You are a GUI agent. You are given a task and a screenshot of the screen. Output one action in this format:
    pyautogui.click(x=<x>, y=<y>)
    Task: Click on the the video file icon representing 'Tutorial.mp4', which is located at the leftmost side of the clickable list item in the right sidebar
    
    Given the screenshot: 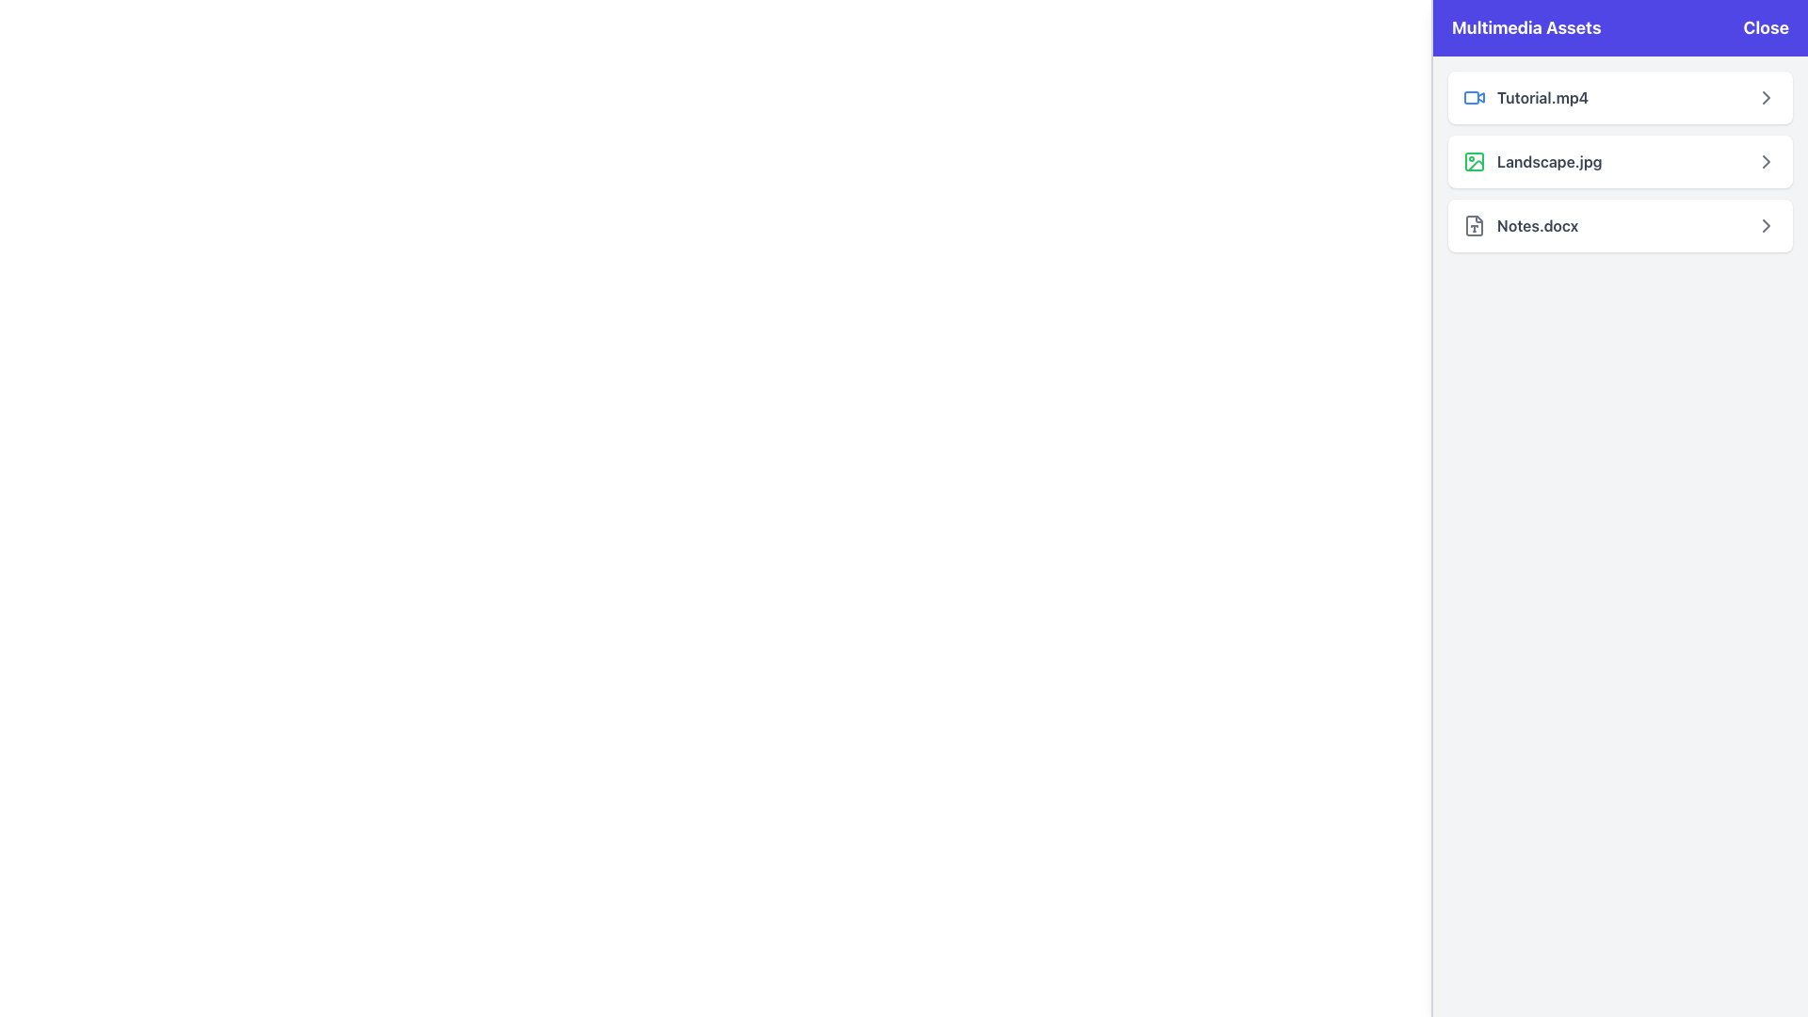 What is the action you would take?
    pyautogui.click(x=1473, y=98)
    